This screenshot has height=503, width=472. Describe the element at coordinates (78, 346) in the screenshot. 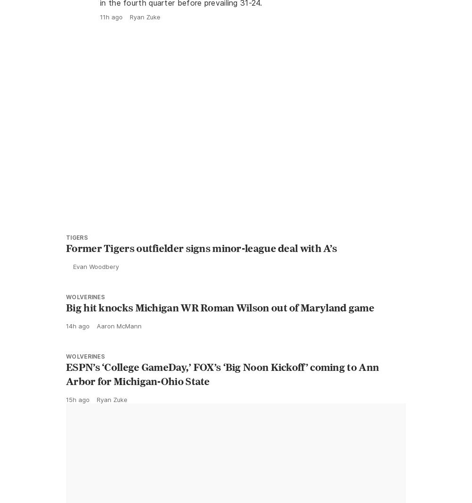

I see `'14h ago'` at that location.